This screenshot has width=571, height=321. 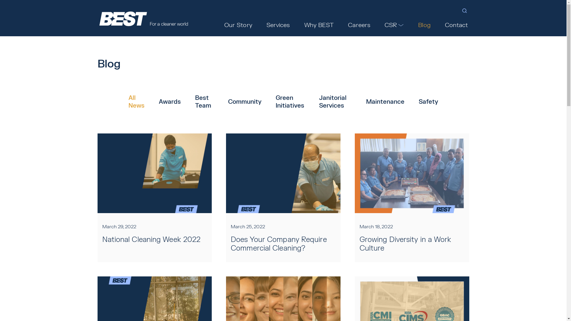 What do you see at coordinates (428, 102) in the screenshot?
I see `'Safety'` at bounding box center [428, 102].